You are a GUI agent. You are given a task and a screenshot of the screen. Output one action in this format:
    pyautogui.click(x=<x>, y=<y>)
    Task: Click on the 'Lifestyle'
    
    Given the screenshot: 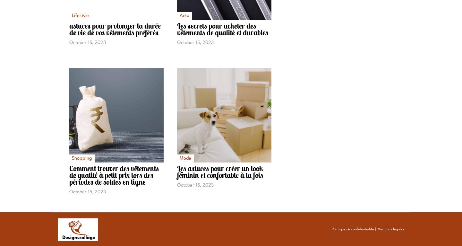 What is the action you would take?
    pyautogui.click(x=80, y=16)
    